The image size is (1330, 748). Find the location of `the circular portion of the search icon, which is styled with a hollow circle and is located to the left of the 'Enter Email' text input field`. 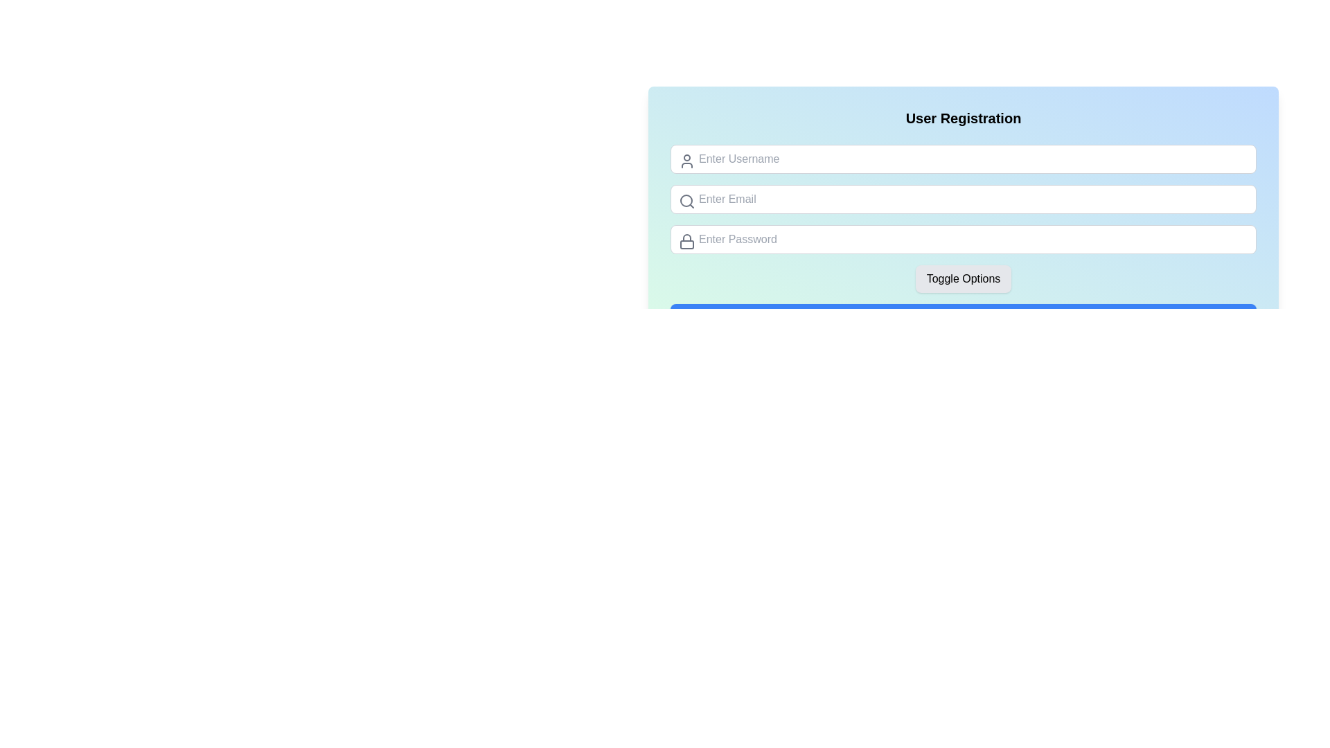

the circular portion of the search icon, which is styled with a hollow circle and is located to the left of the 'Enter Email' text input field is located at coordinates (686, 200).